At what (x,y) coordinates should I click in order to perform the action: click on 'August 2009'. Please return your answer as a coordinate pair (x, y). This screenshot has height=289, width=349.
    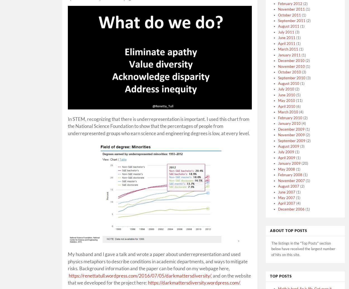
    Looking at the image, I should click on (289, 145).